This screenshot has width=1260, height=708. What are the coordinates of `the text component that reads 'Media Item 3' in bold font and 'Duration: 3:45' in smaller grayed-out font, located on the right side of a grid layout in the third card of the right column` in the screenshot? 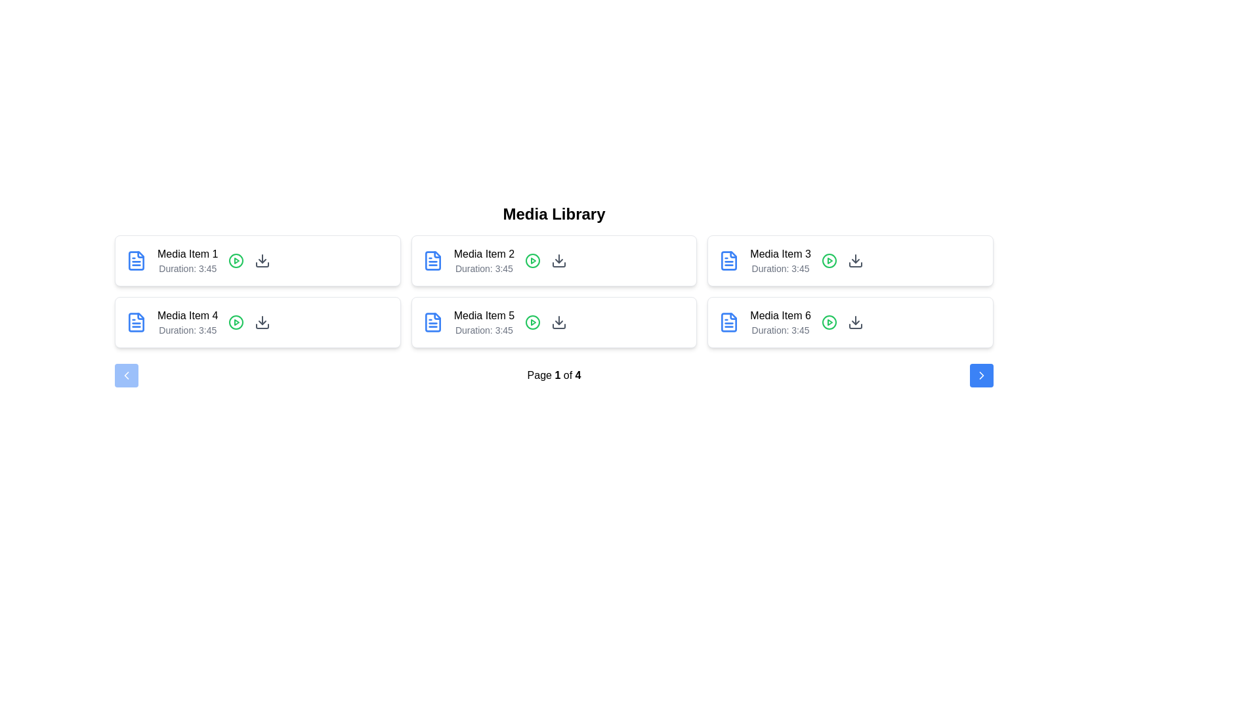 It's located at (780, 260).